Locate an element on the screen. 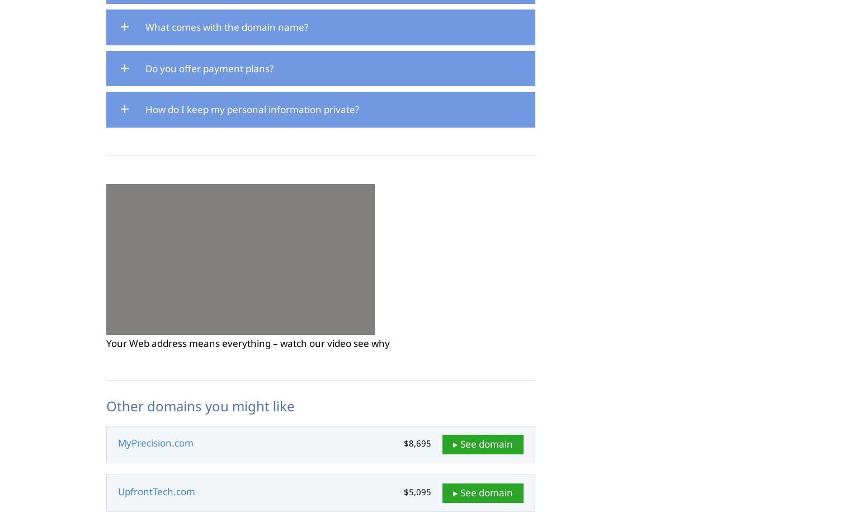  'Other domains you might like' is located at coordinates (106, 405).